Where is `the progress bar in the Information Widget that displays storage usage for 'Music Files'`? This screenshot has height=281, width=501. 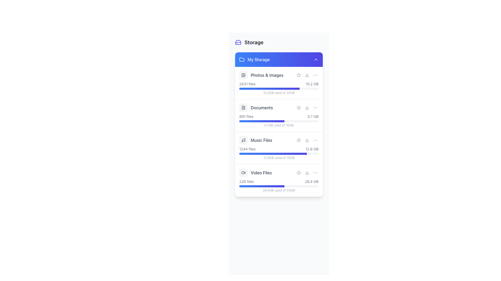 the progress bar in the Information Widget that displays storage usage for 'Music Files' is located at coordinates (279, 153).